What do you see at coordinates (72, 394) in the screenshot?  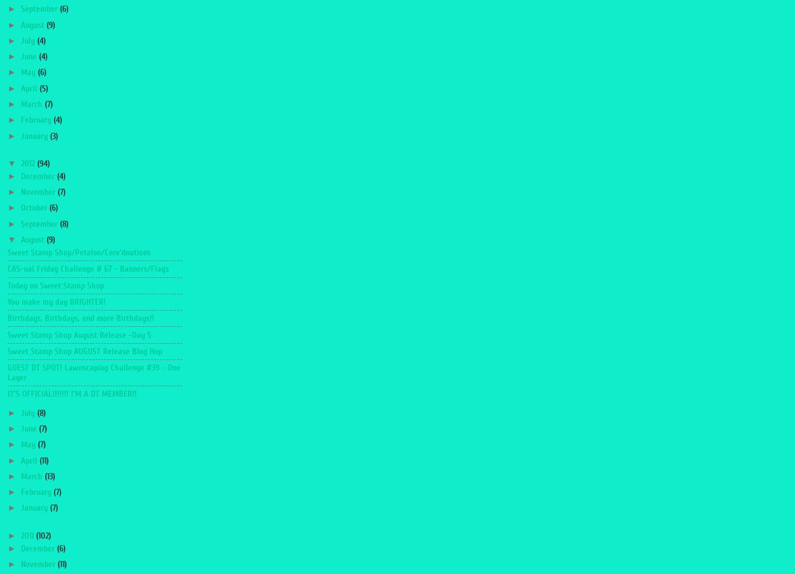 I see `'IT'S OFFICIAL!!!!!!! I'M A DT MEMBER!!'` at bounding box center [72, 394].